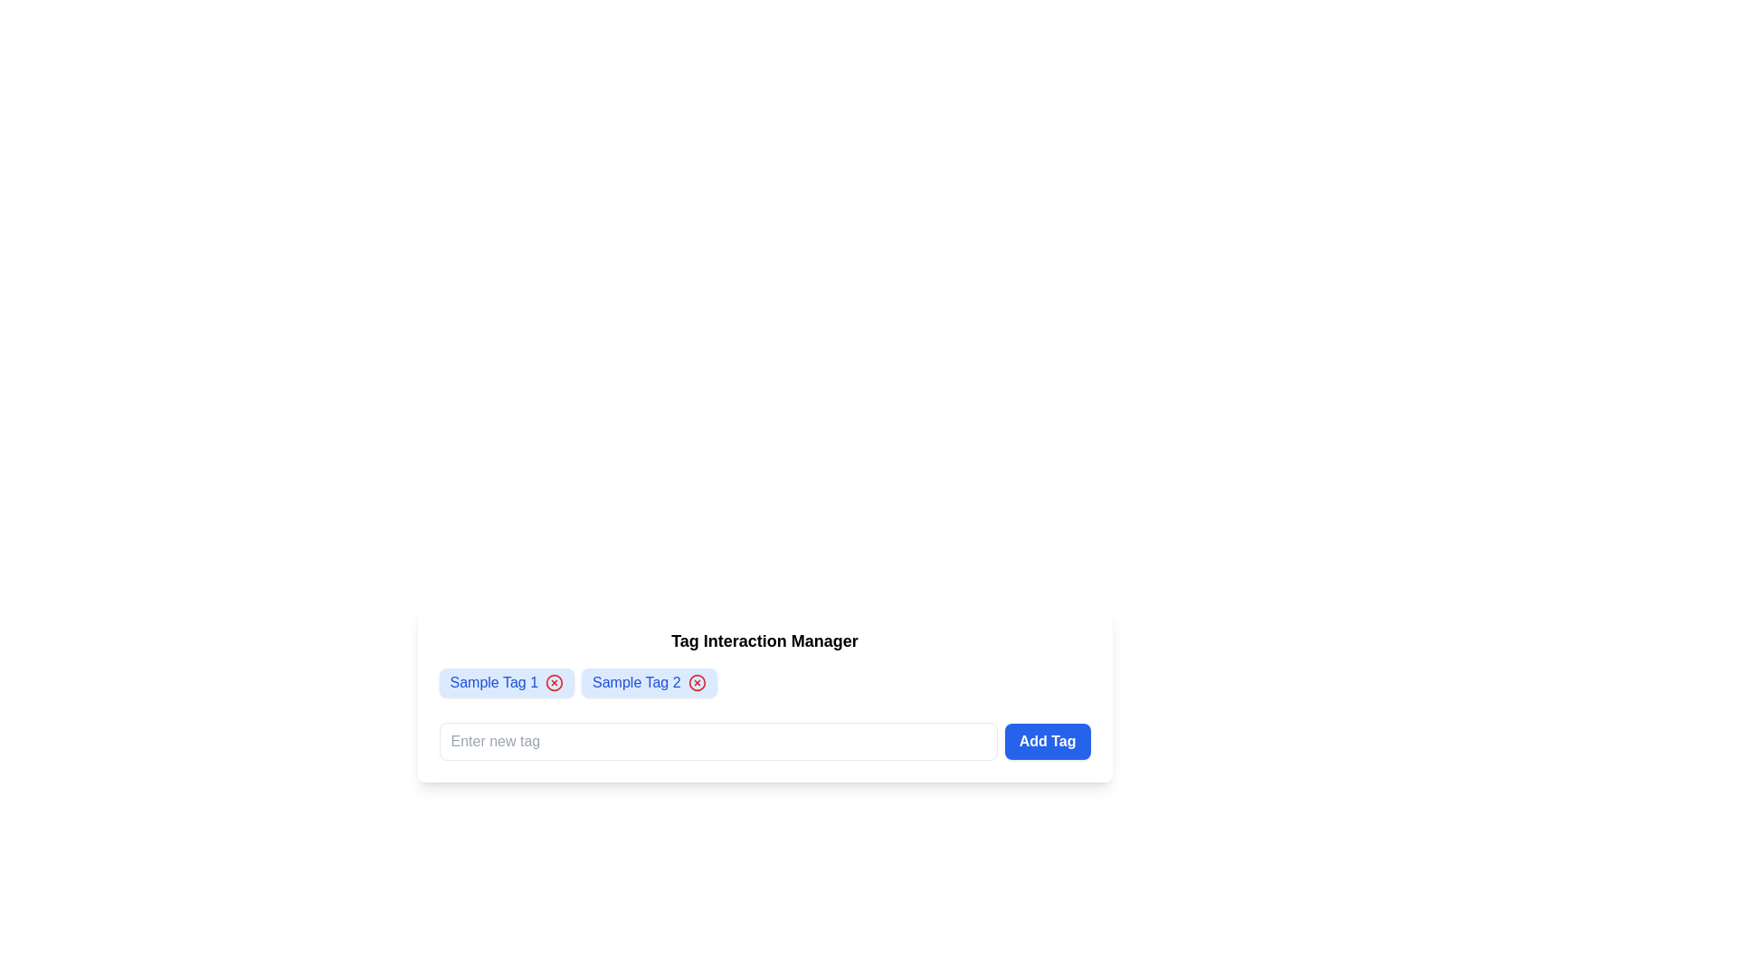 Image resolution: width=1737 pixels, height=977 pixels. I want to click on the red circular icon with an 'X' inside, so click(554, 683).